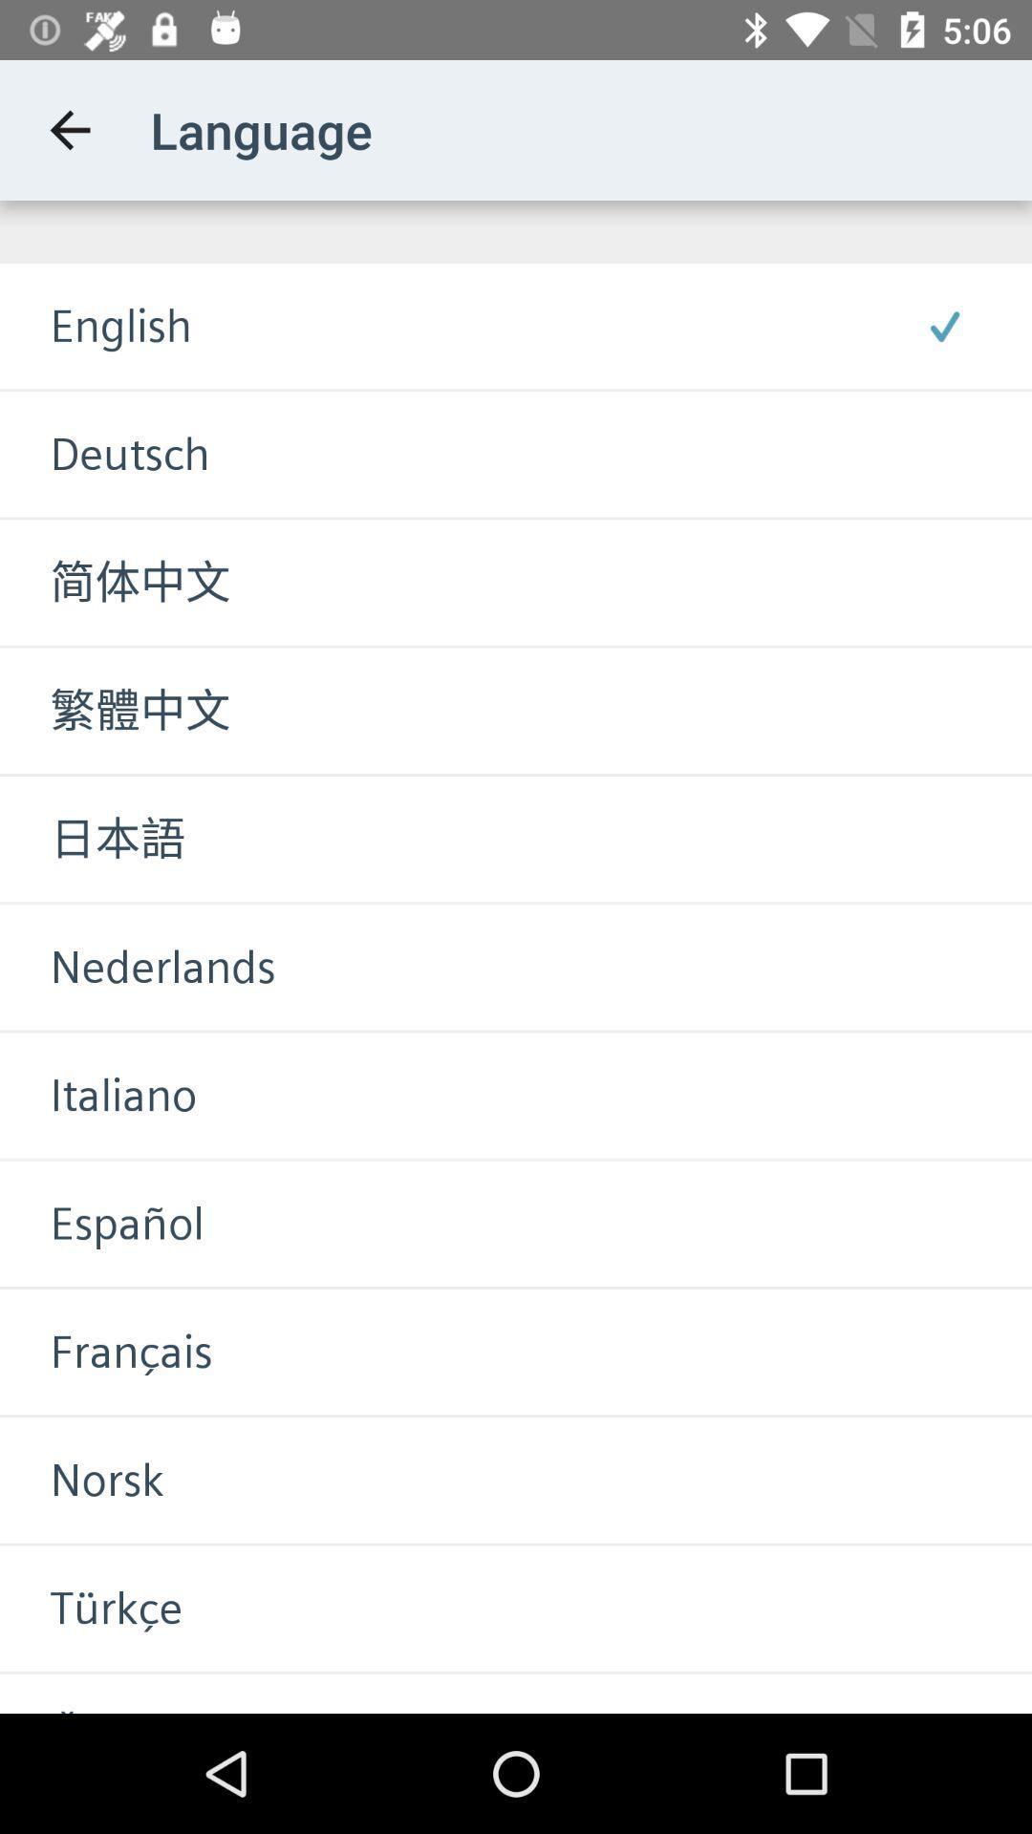  I want to click on item next to language icon, so click(69, 129).